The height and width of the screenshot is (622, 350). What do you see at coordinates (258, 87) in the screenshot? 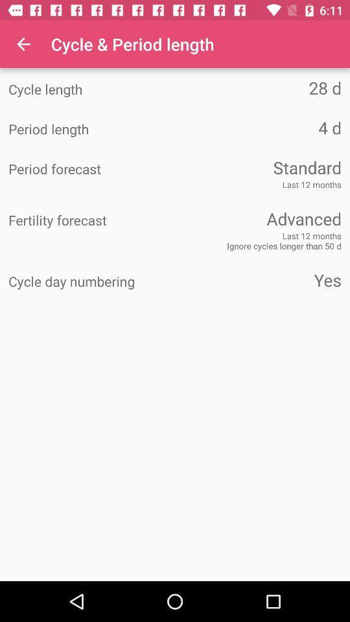
I see `the item next to cycle length item` at bounding box center [258, 87].